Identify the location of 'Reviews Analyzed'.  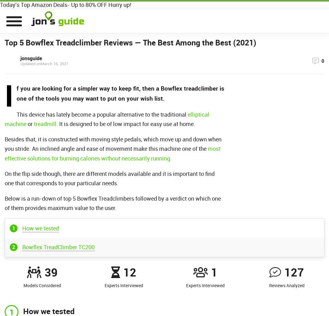
(269, 285).